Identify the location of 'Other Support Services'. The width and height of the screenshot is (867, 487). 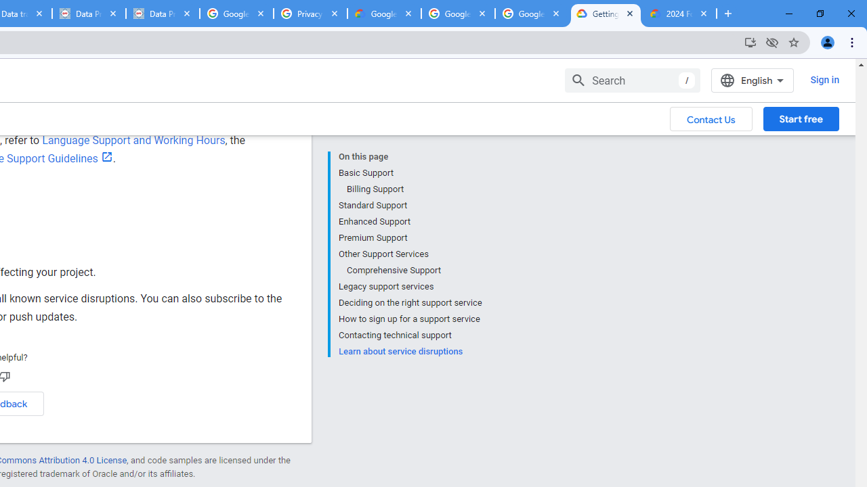
(409, 254).